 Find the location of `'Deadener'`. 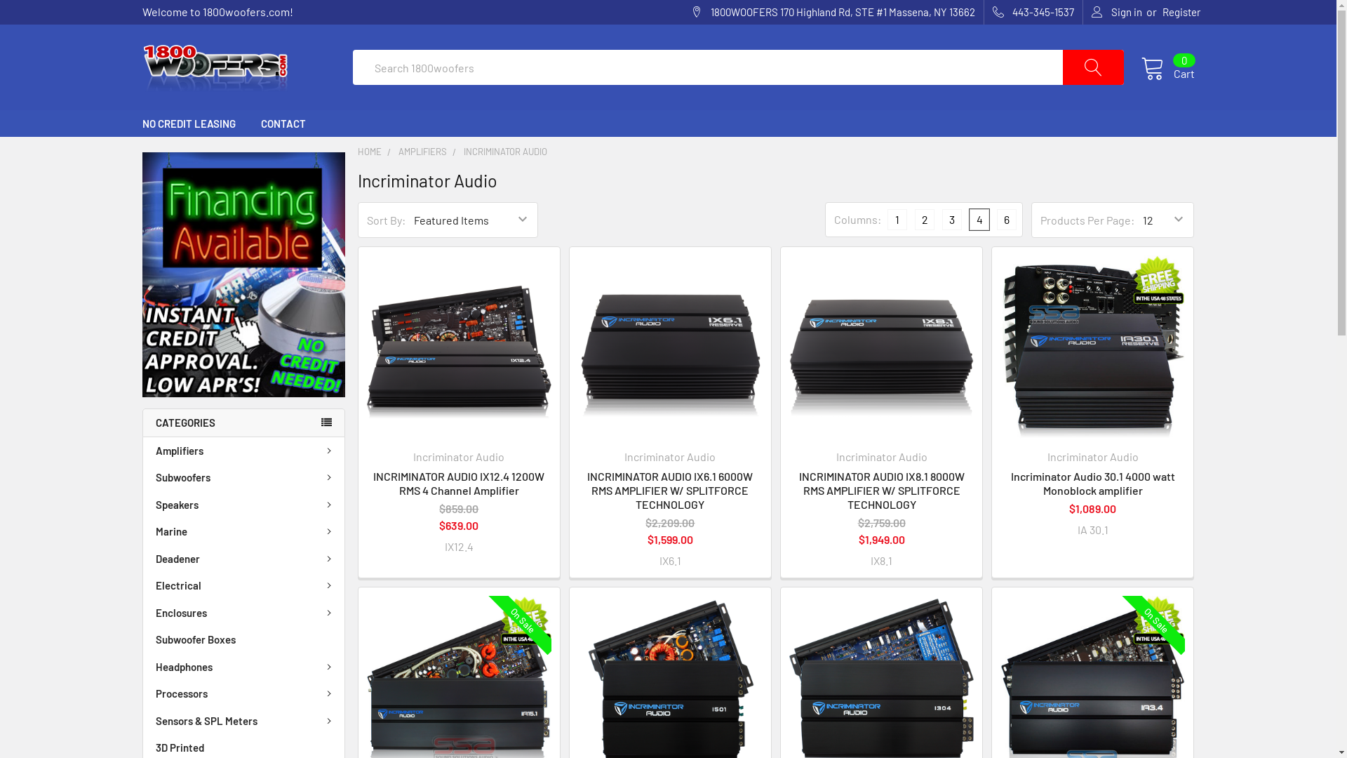

'Deadener' is located at coordinates (243, 558).